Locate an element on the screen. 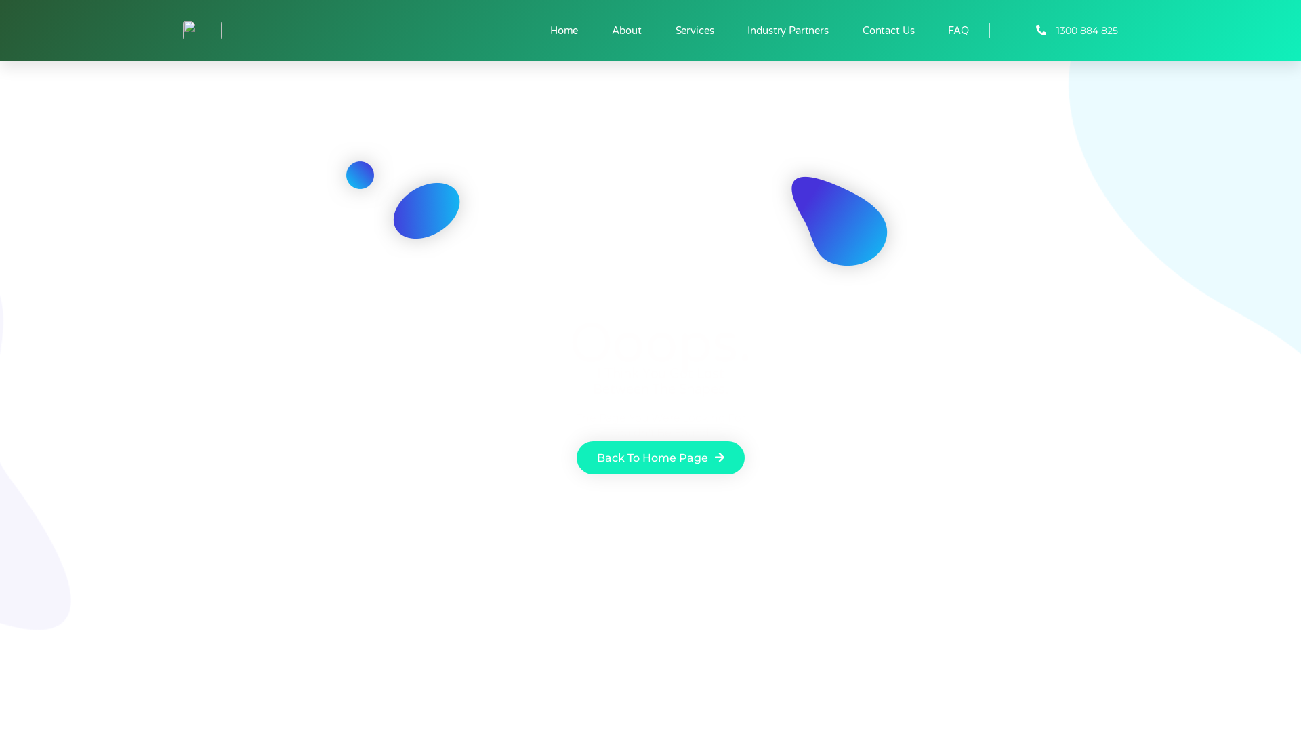 This screenshot has height=732, width=1301. 'Home' is located at coordinates (564, 30).